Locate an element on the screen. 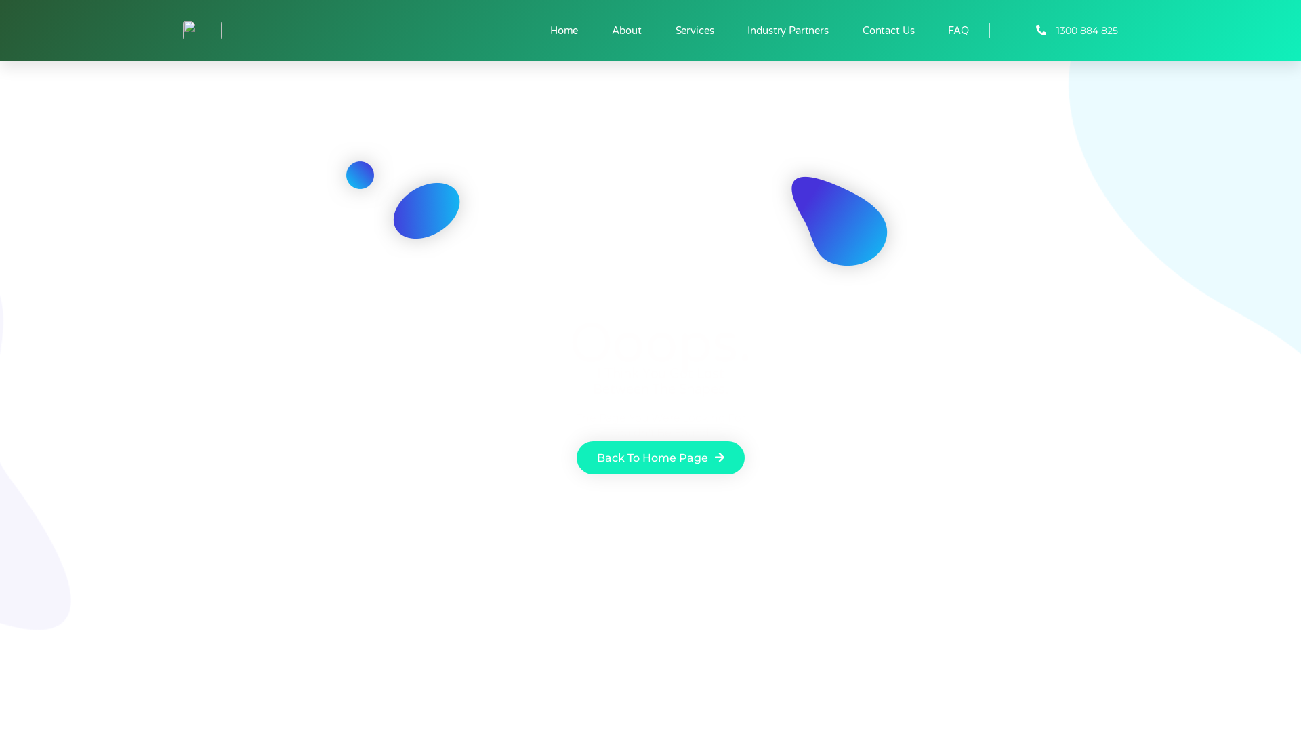 This screenshot has height=732, width=1301. 'Home' is located at coordinates (564, 30).